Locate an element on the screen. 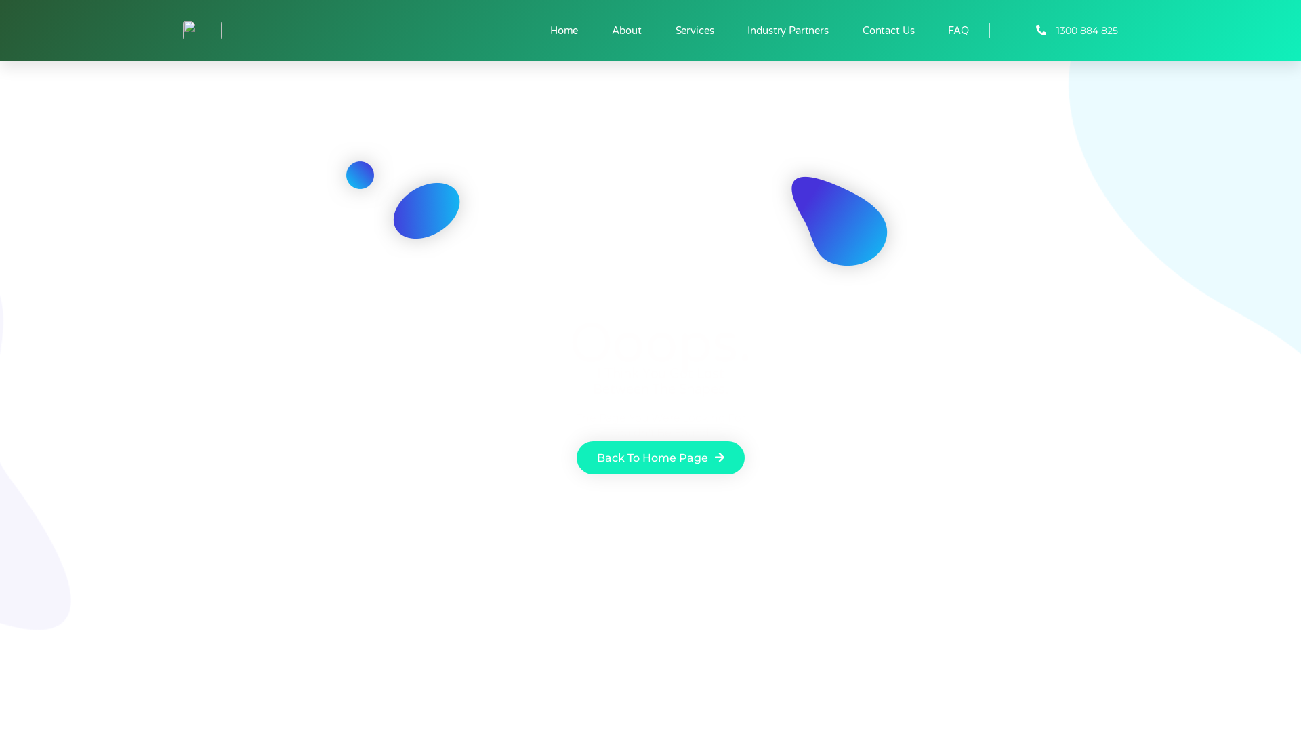 This screenshot has height=732, width=1301. 'Home' is located at coordinates (564, 30).